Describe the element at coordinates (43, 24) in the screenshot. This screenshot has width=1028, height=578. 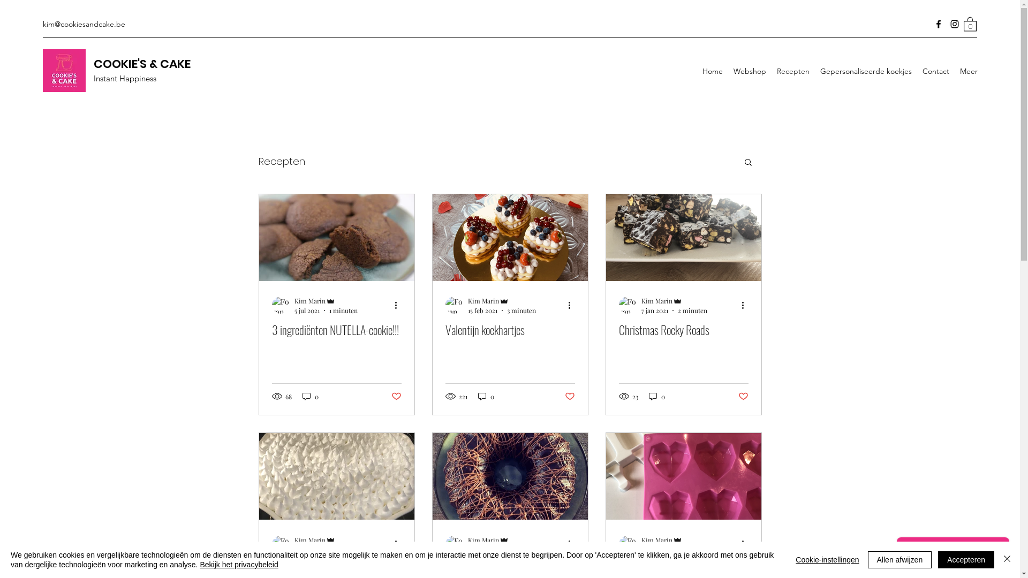
I see `'kim@cookiesandcake.be'` at that location.